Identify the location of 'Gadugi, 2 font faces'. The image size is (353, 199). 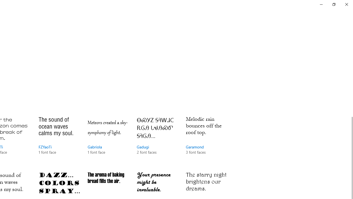
(157, 140).